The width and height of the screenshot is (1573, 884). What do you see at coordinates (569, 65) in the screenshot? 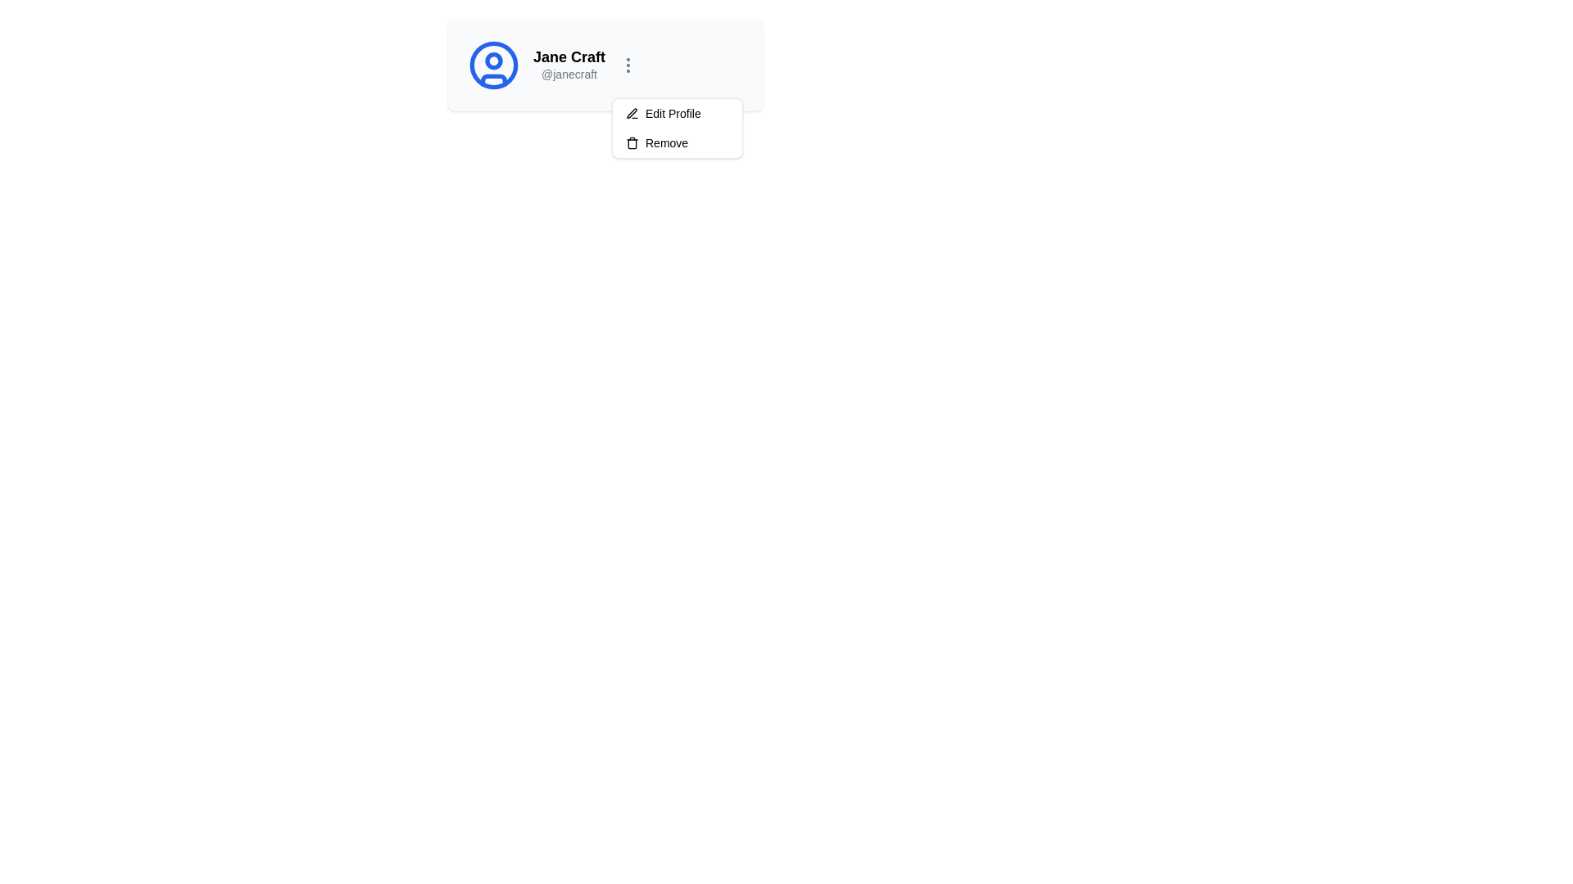
I see `the Text Display element that shows the user's name and username, located centrally above the dropdown menu options for 'Edit Profile' and 'Remove'` at bounding box center [569, 65].